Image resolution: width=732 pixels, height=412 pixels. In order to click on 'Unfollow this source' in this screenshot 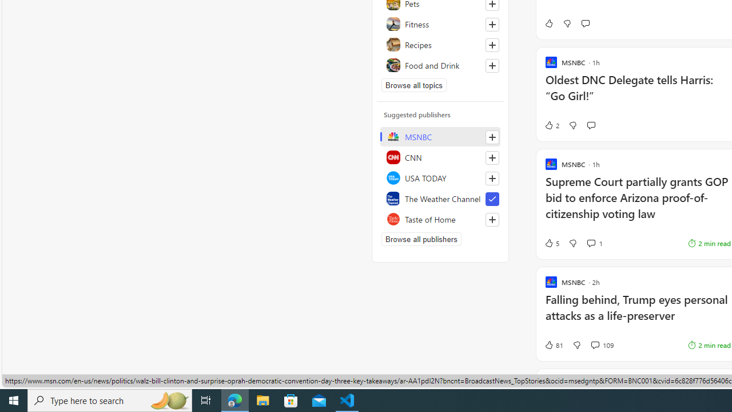, I will do `click(492, 199)`.